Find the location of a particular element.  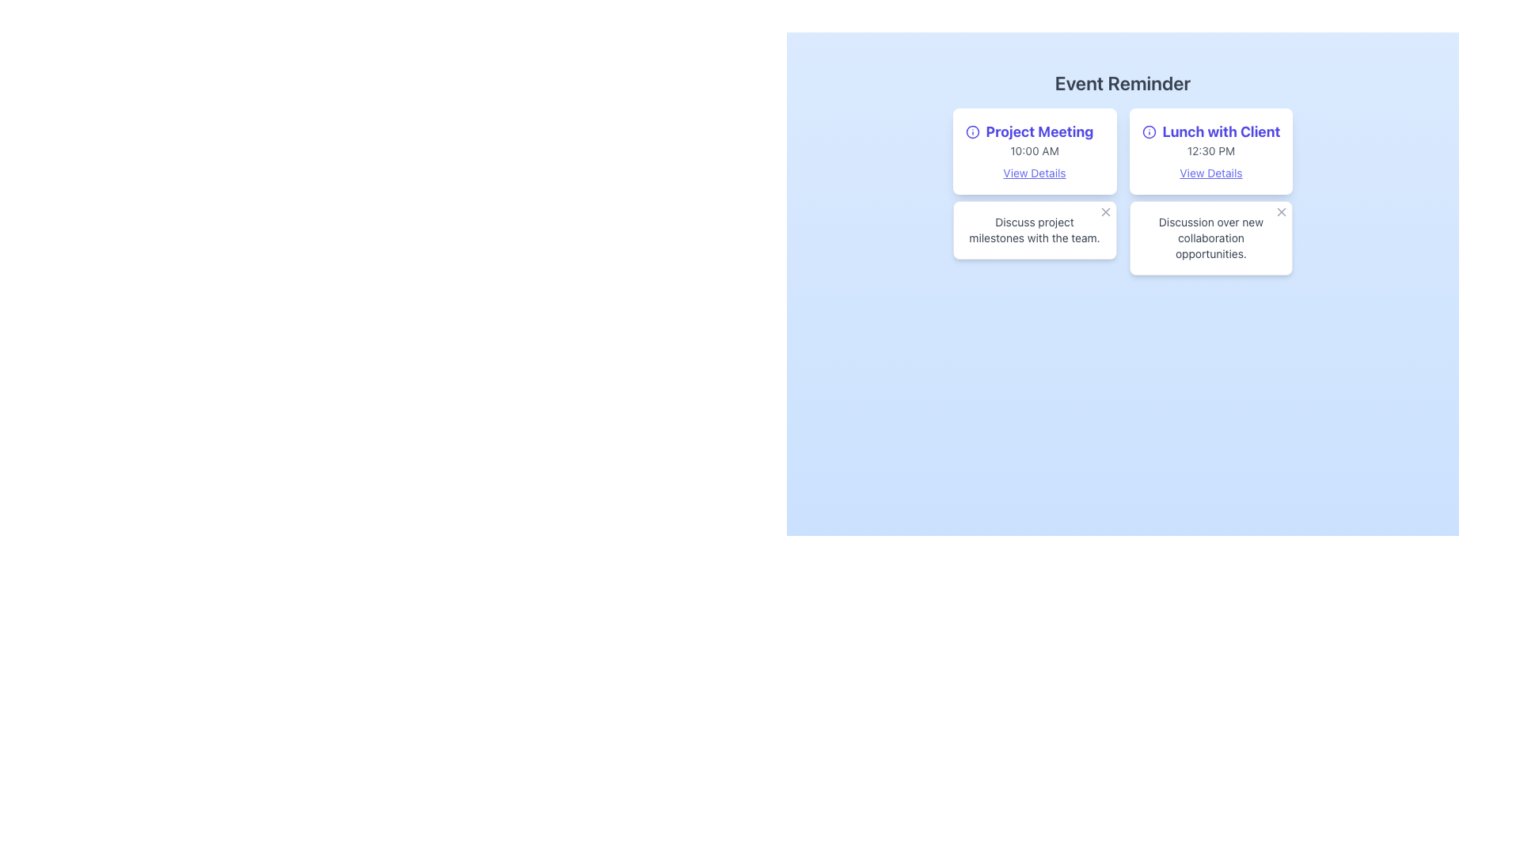

the Close button icon, which is represented by an 'X' shape is located at coordinates (1104, 211).